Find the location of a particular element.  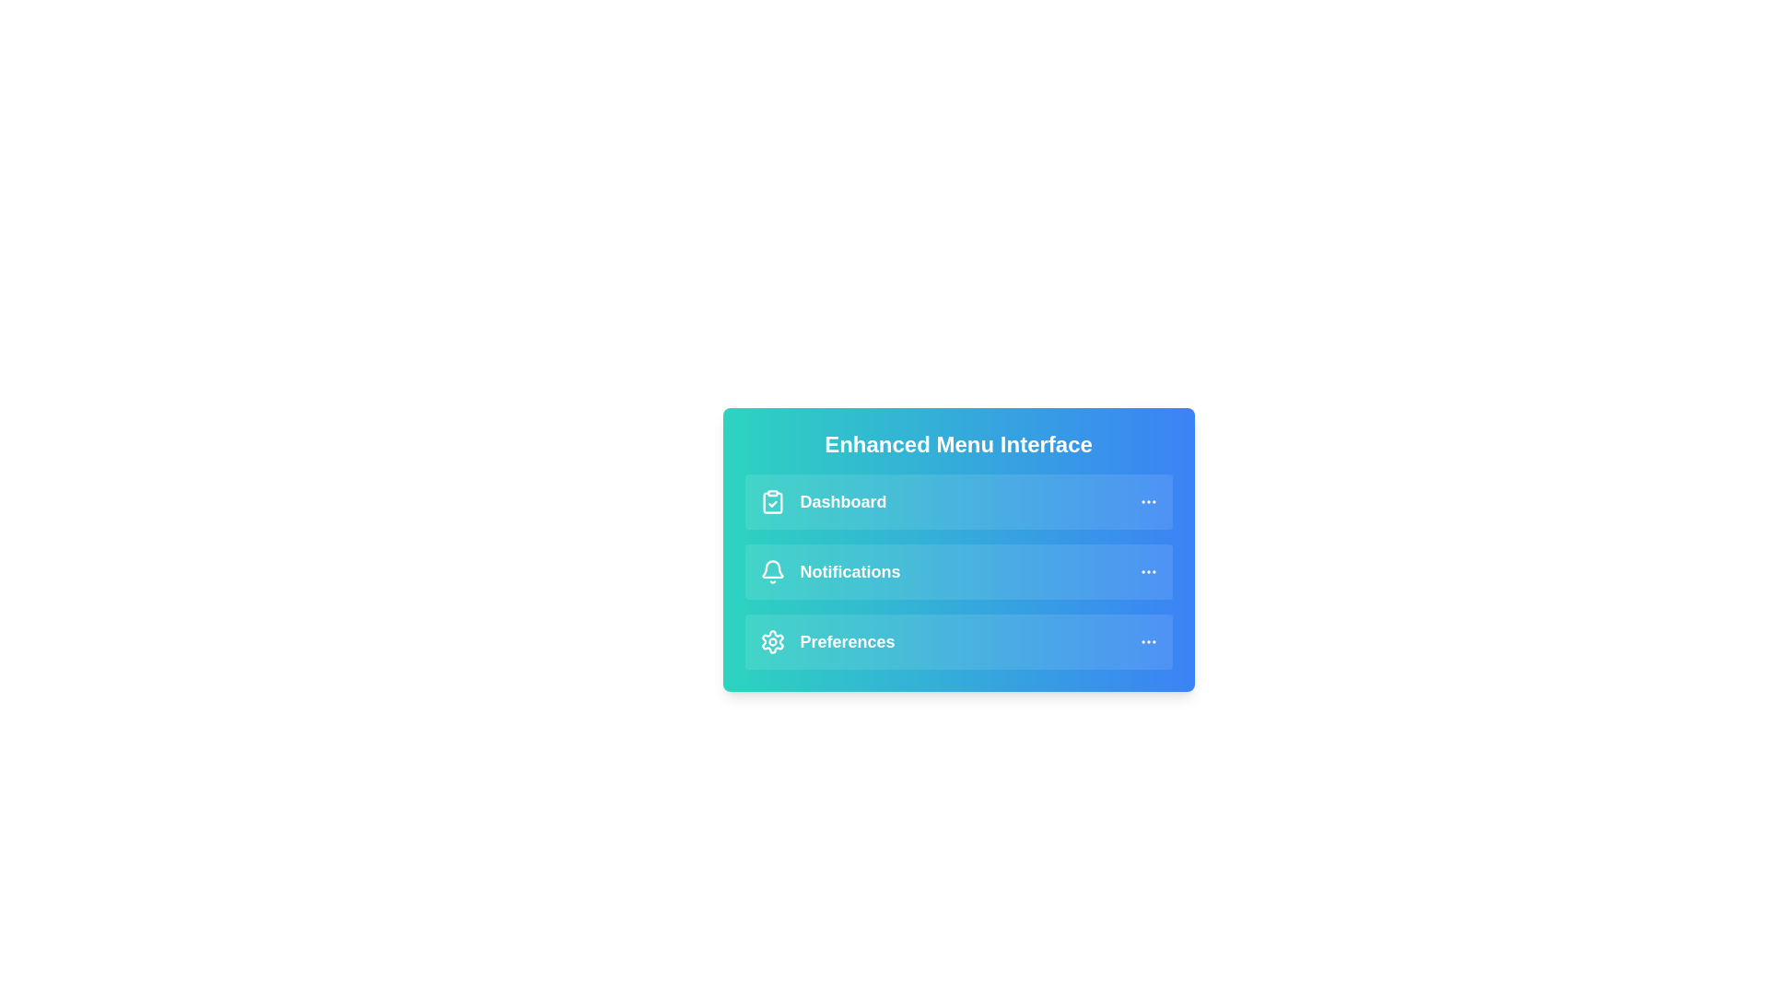

the 'Notifications' button is located at coordinates (958, 549).